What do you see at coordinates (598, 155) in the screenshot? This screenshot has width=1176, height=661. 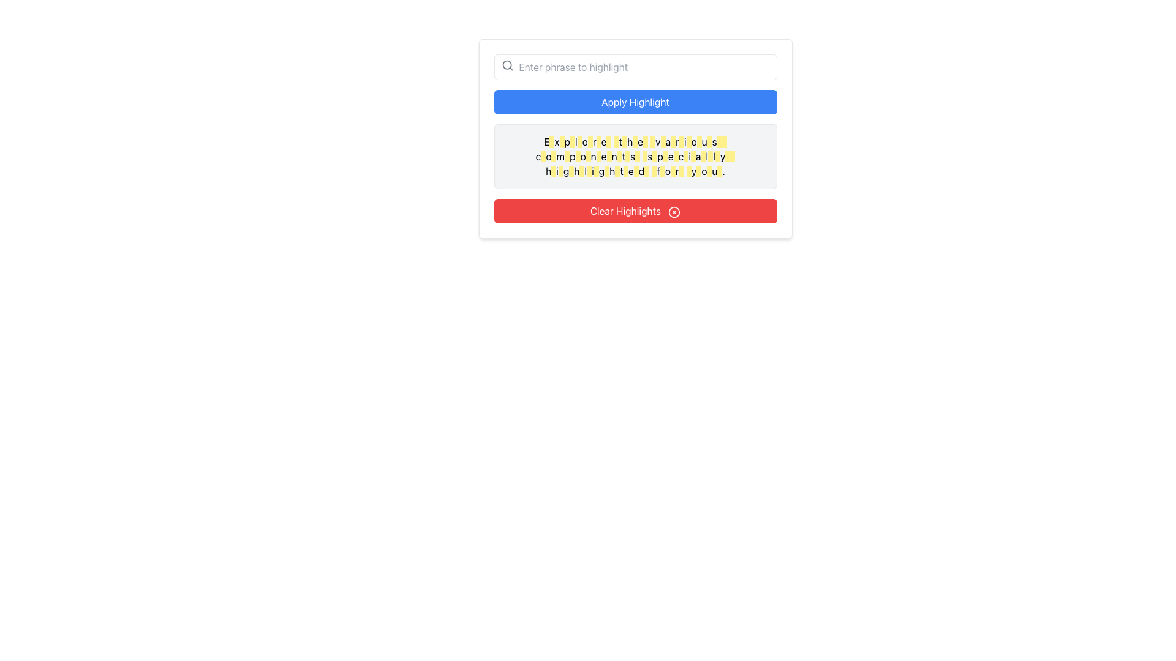 I see `the 6th highlight in the second row of highlighted words in the text 'Explore the various components specially highlighted for you.'` at bounding box center [598, 155].